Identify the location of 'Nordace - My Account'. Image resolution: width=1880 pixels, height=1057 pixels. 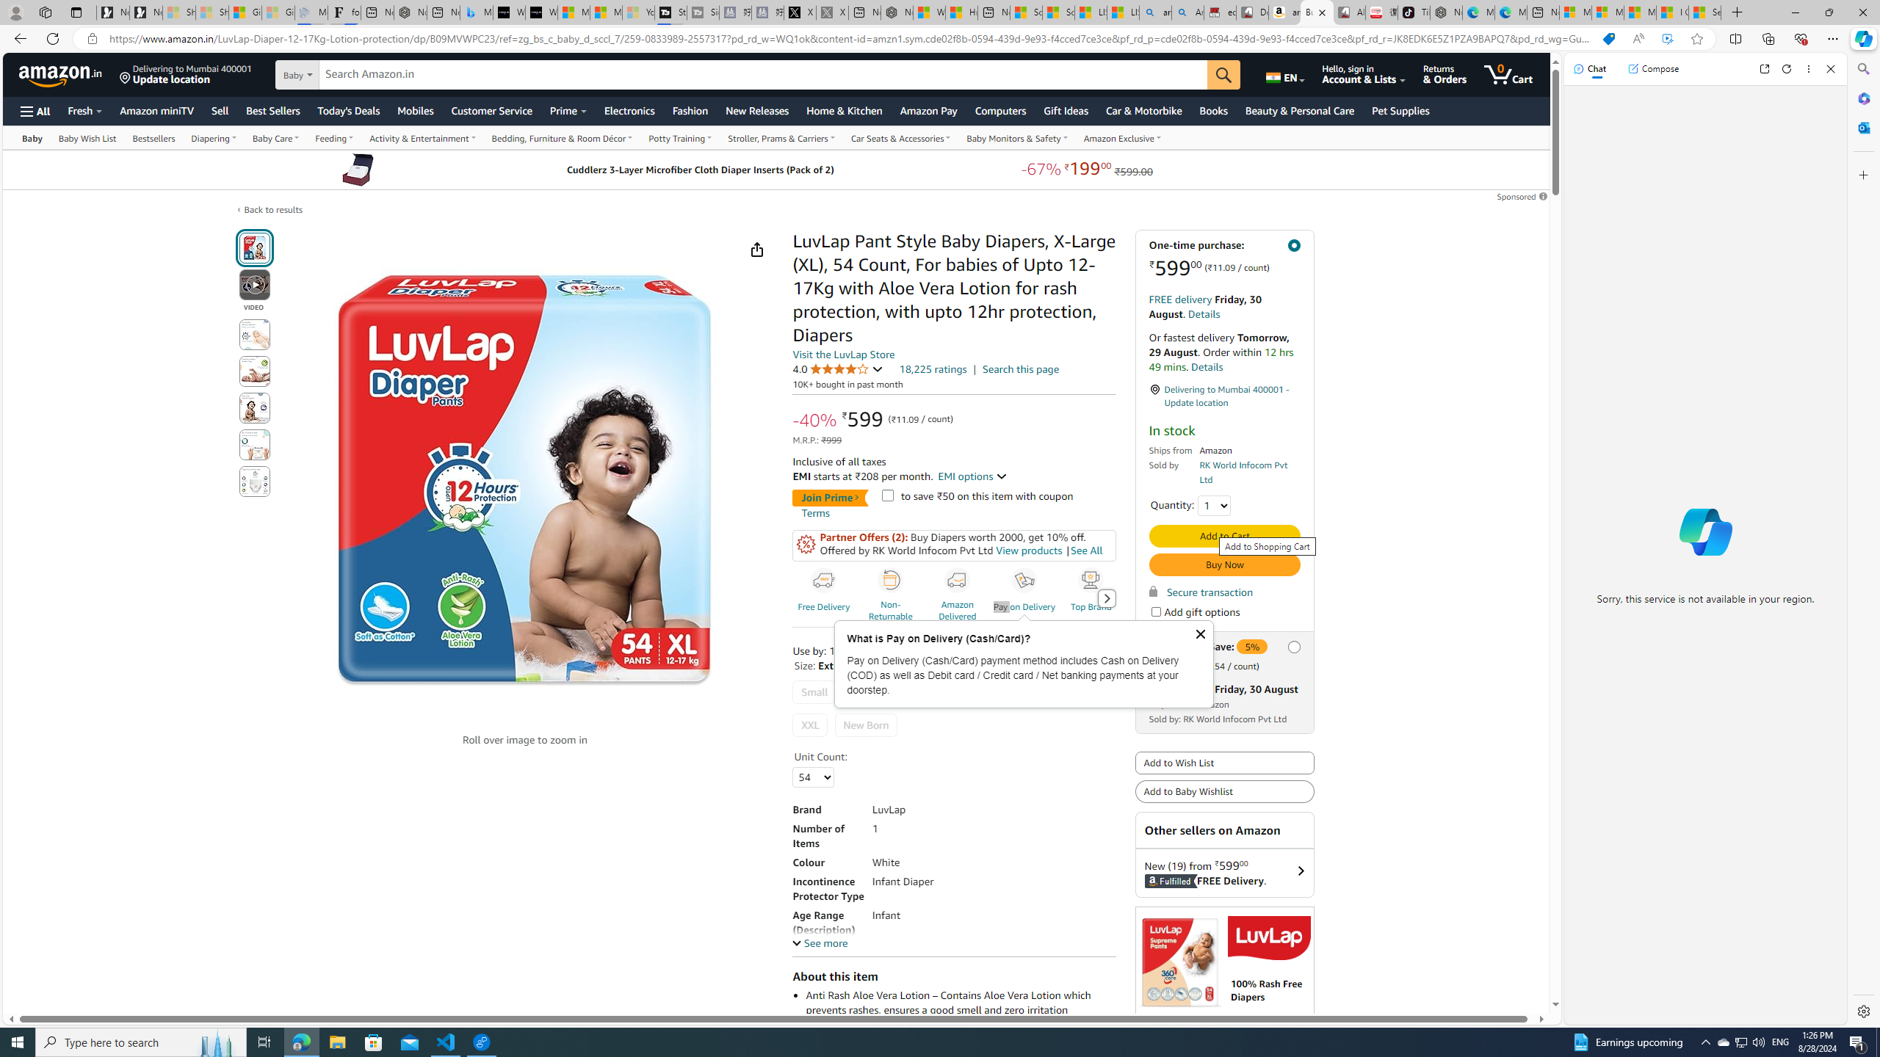
(896, 12).